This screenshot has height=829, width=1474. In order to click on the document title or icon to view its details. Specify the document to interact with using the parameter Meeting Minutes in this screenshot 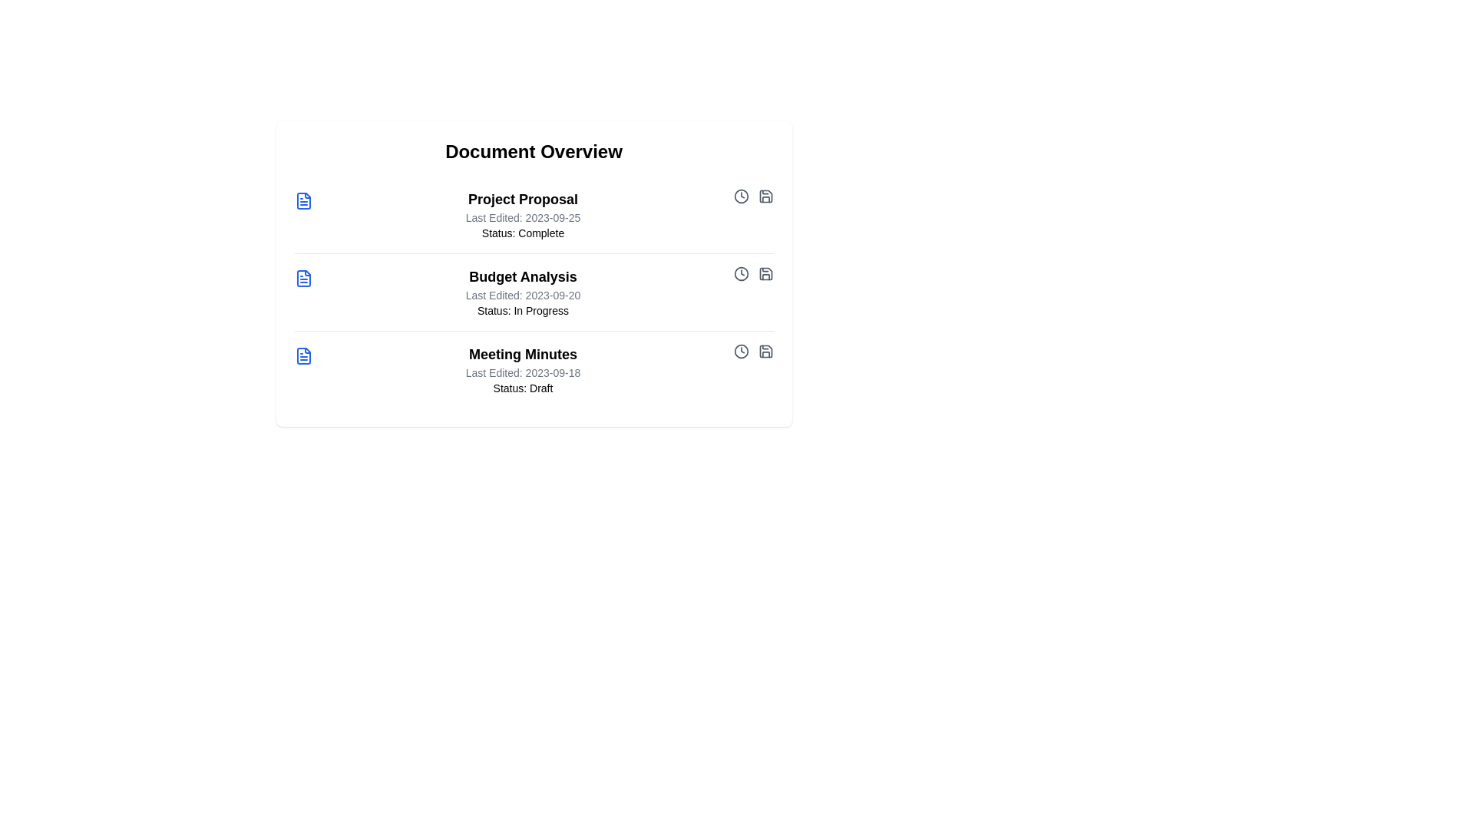, I will do `click(324, 355)`.